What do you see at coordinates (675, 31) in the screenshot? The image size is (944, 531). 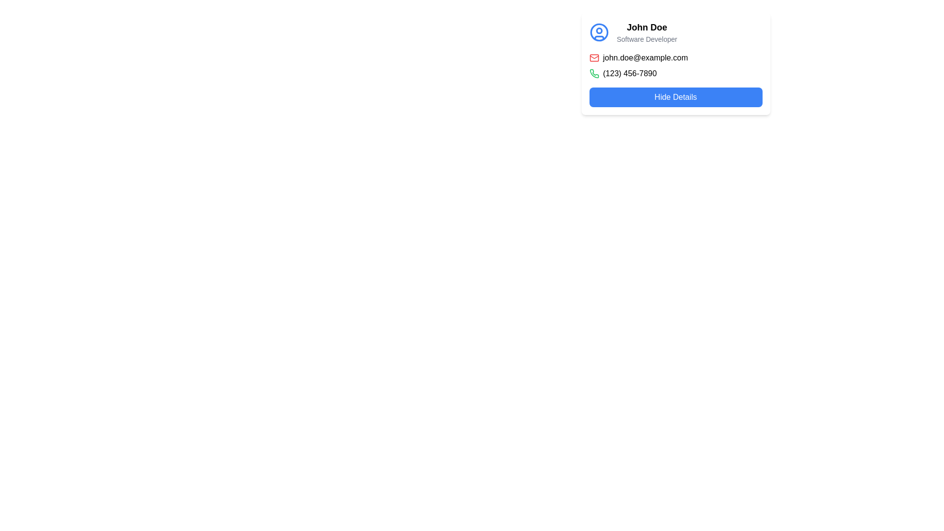 I see `the details of the Profile summary section displaying the user icon and the name 'John Doe' with the title 'Software Developer'` at bounding box center [675, 31].